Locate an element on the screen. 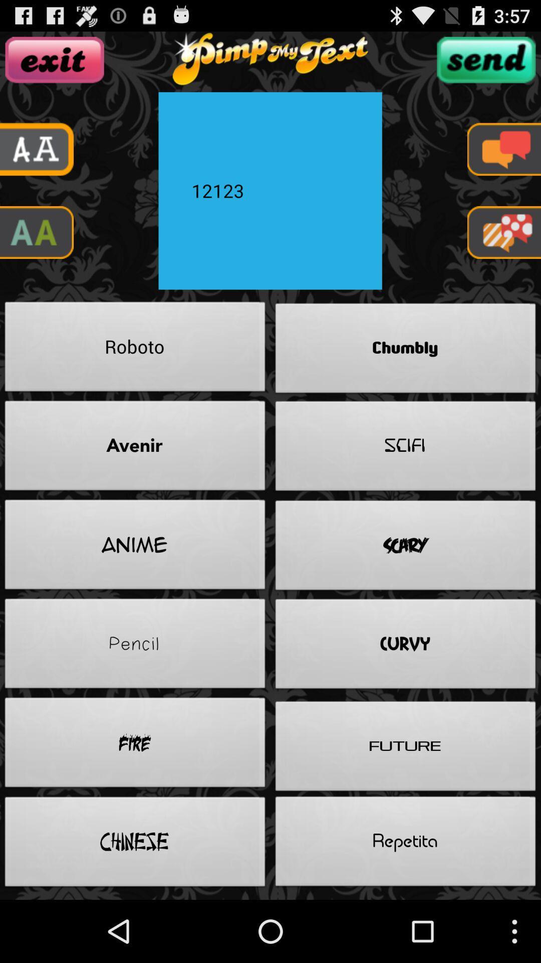 Image resolution: width=541 pixels, height=963 pixels. the font icon is located at coordinates (36, 249).